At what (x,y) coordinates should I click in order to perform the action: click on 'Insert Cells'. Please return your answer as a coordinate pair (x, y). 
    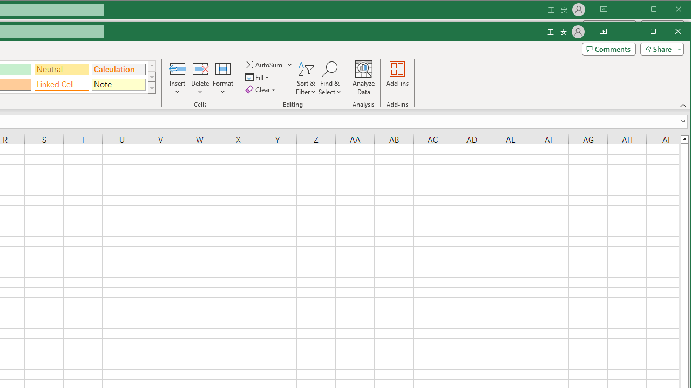
    Looking at the image, I should click on (177, 68).